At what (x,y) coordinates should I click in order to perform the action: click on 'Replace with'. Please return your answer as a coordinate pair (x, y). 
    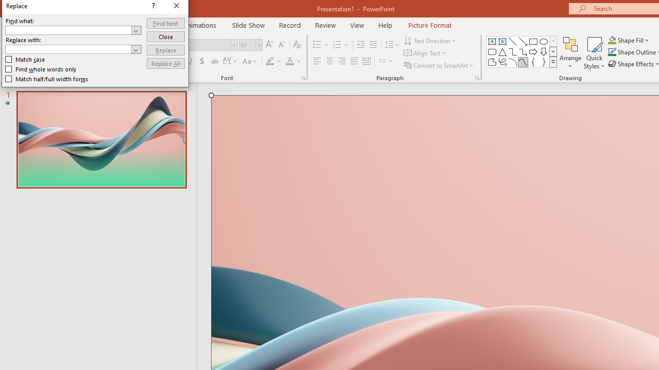
    Looking at the image, I should click on (73, 49).